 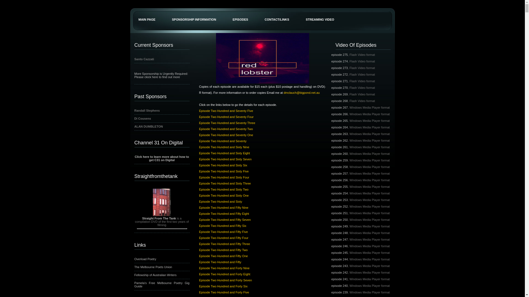 What do you see at coordinates (198, 116) in the screenshot?
I see `'Episode Two Hundred and Seventy Four'` at bounding box center [198, 116].